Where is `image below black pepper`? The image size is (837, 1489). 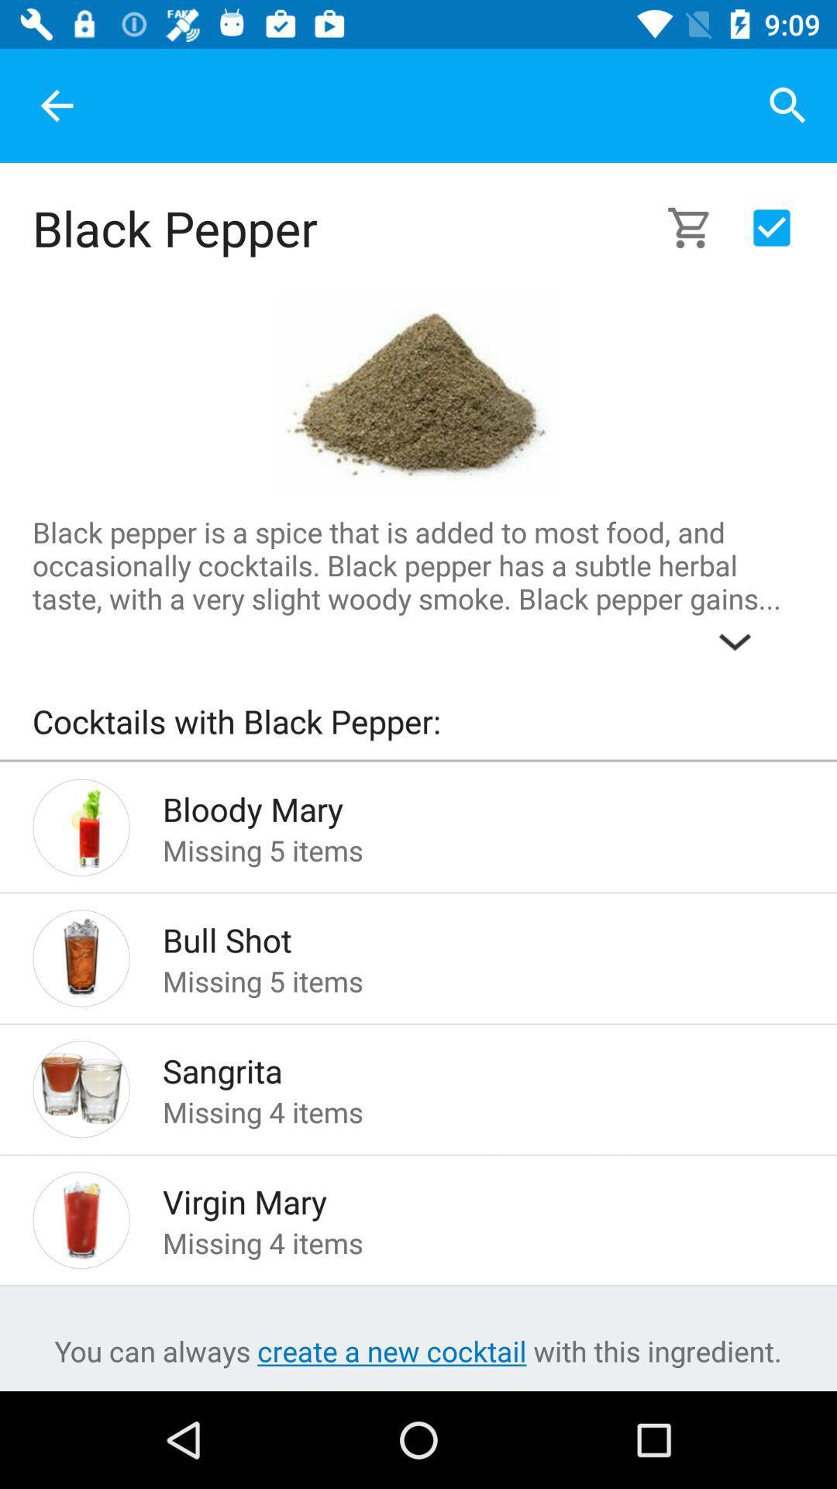
image below black pepper is located at coordinates (418, 395).